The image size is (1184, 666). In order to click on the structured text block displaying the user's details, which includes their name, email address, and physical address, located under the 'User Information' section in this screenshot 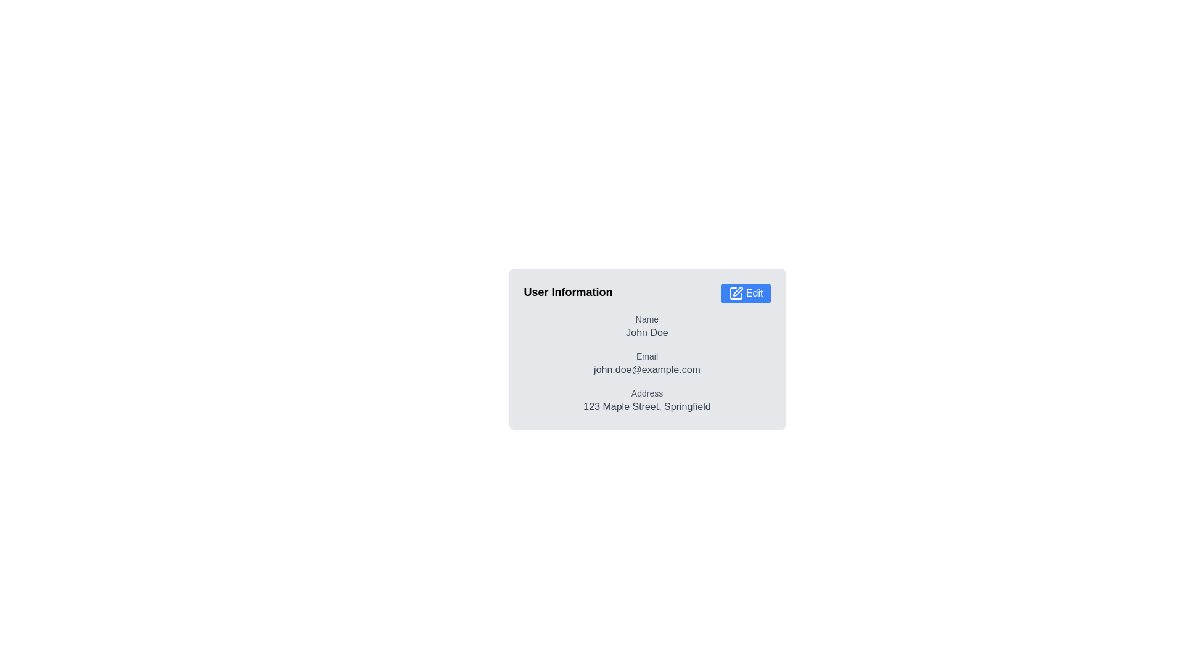, I will do `click(646, 363)`.